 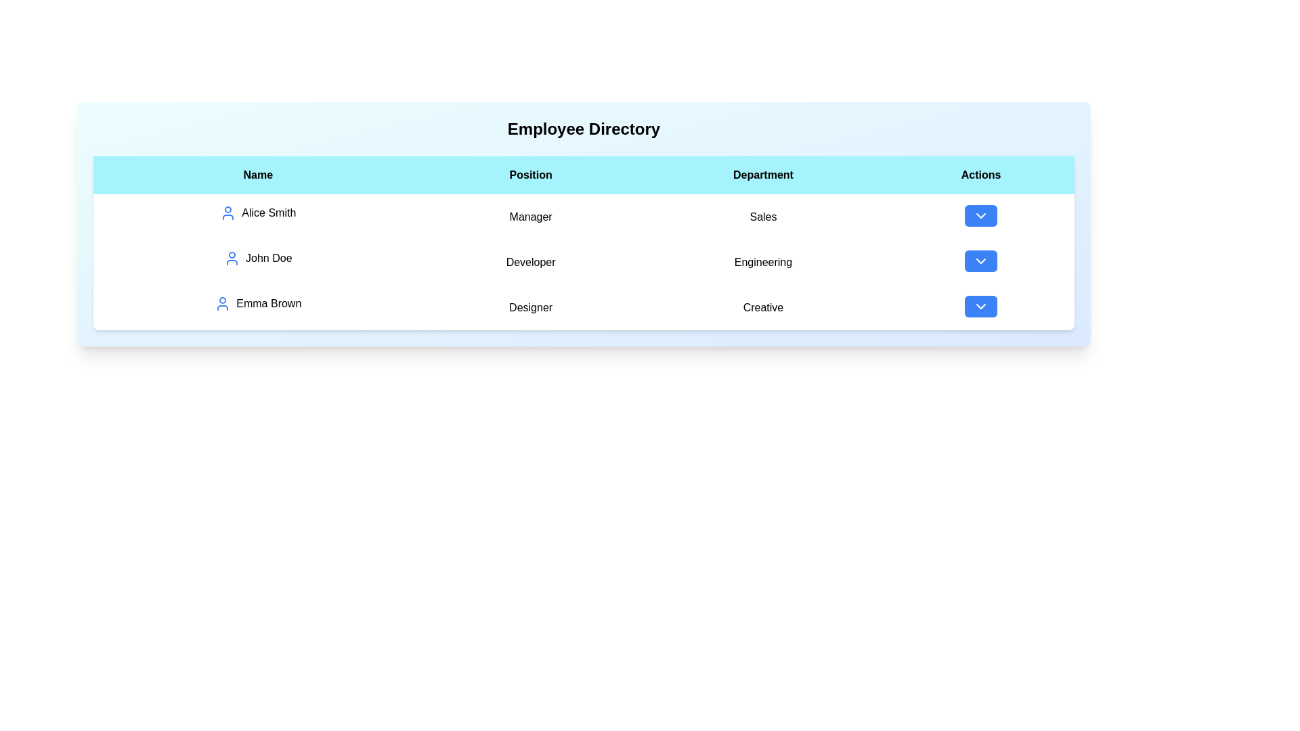 I want to click on the text label displaying 'Developer' located in the second row of the table under the 'Position' column to interact with the surrounding context, so click(x=530, y=262).